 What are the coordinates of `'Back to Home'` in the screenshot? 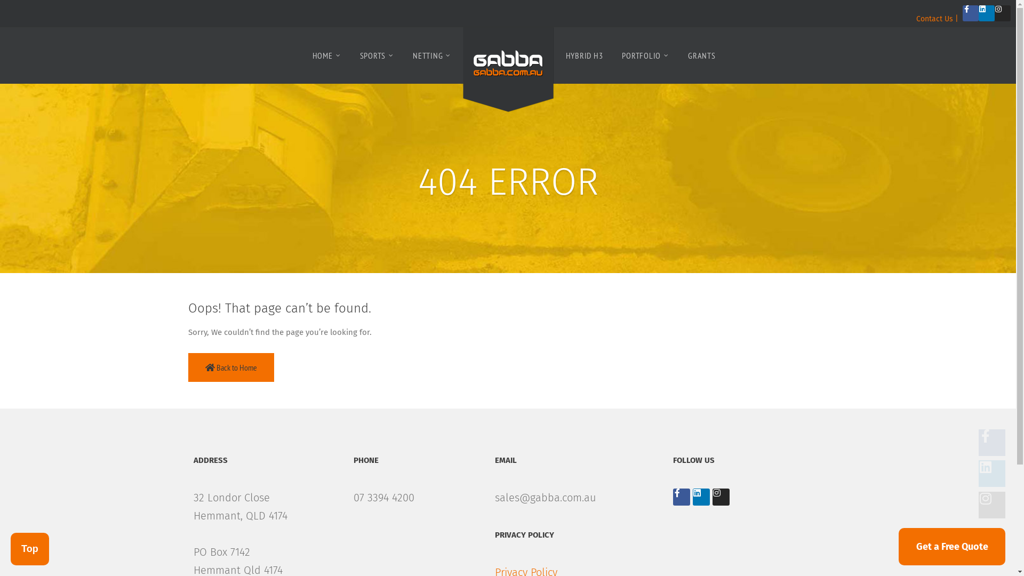 It's located at (230, 367).